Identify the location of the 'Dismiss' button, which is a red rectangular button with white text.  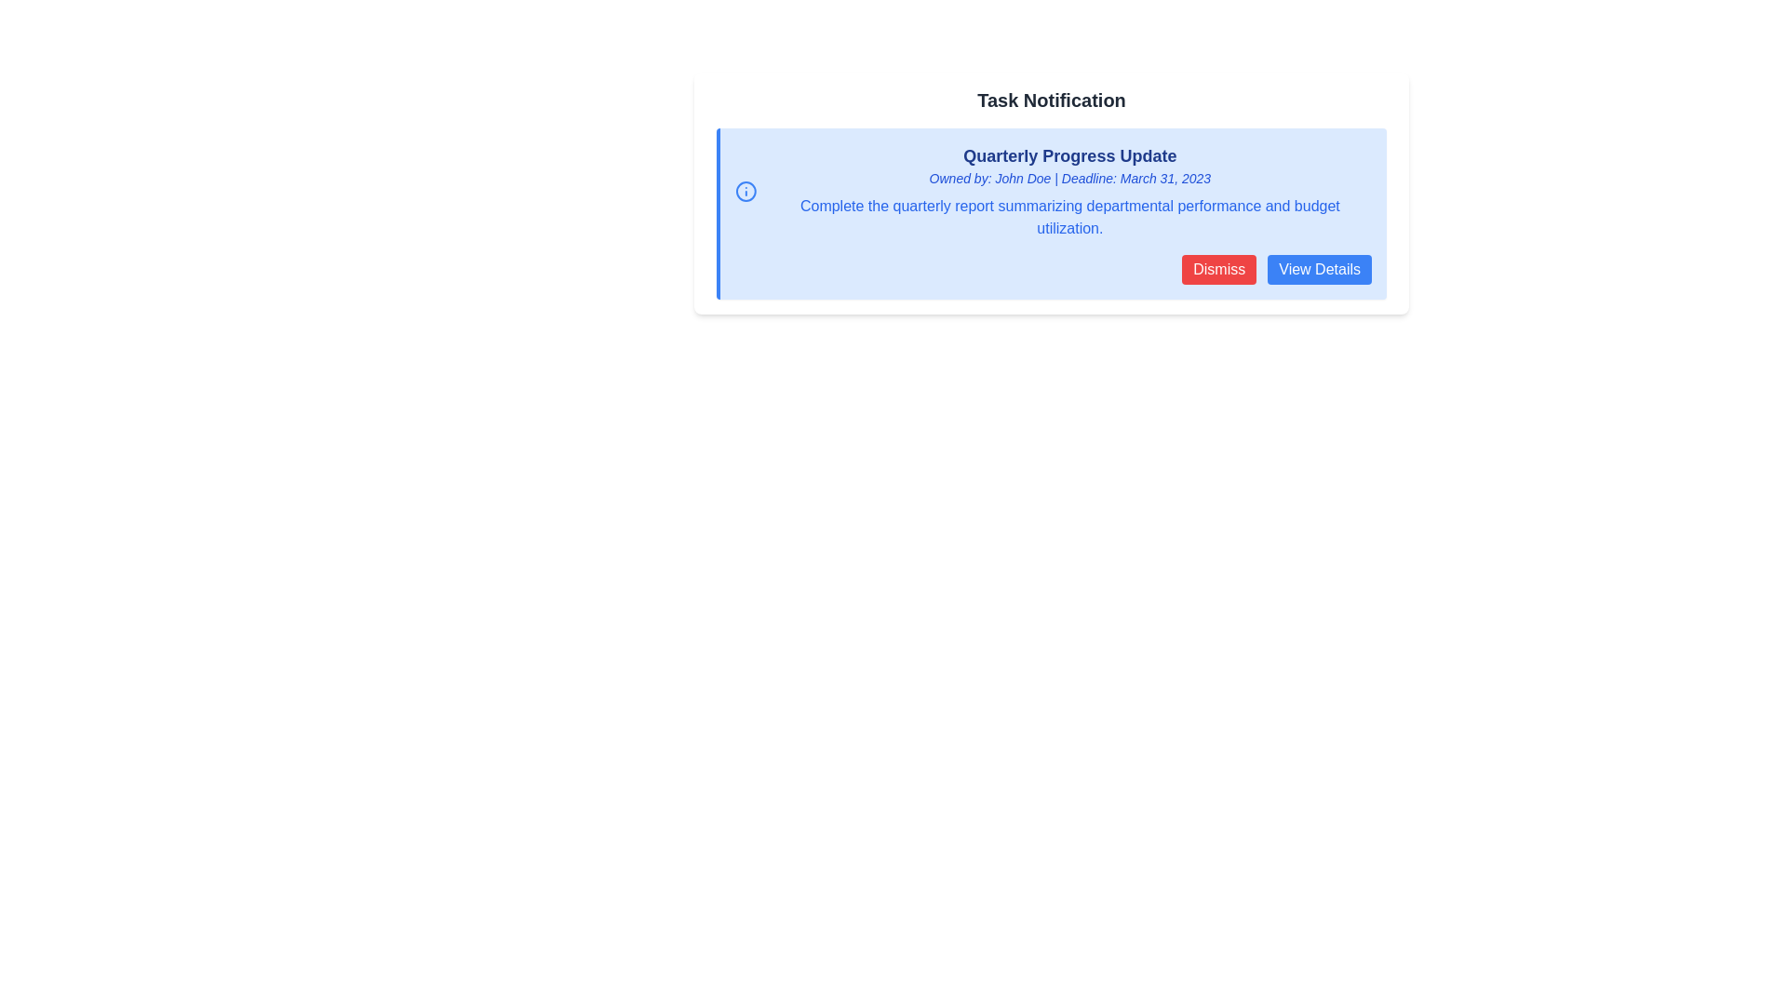
(1219, 269).